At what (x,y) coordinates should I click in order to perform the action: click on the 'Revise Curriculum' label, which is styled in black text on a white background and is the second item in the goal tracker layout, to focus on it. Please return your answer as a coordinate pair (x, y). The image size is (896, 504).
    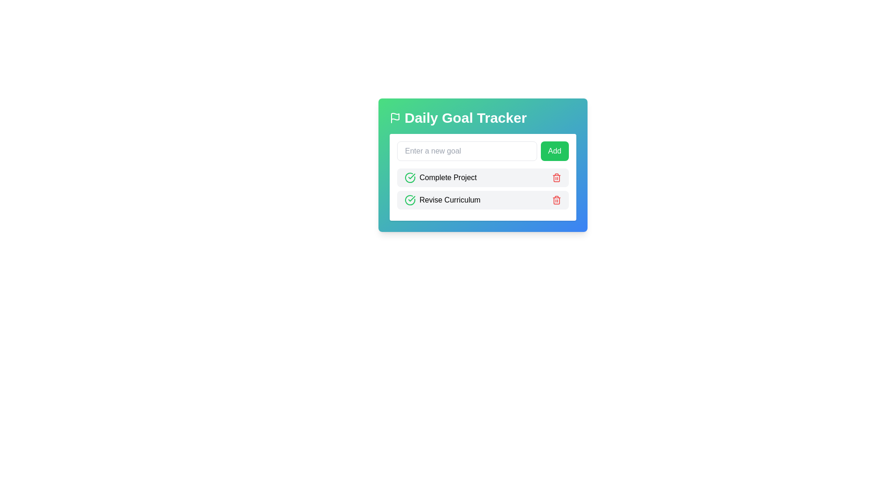
    Looking at the image, I should click on (450, 199).